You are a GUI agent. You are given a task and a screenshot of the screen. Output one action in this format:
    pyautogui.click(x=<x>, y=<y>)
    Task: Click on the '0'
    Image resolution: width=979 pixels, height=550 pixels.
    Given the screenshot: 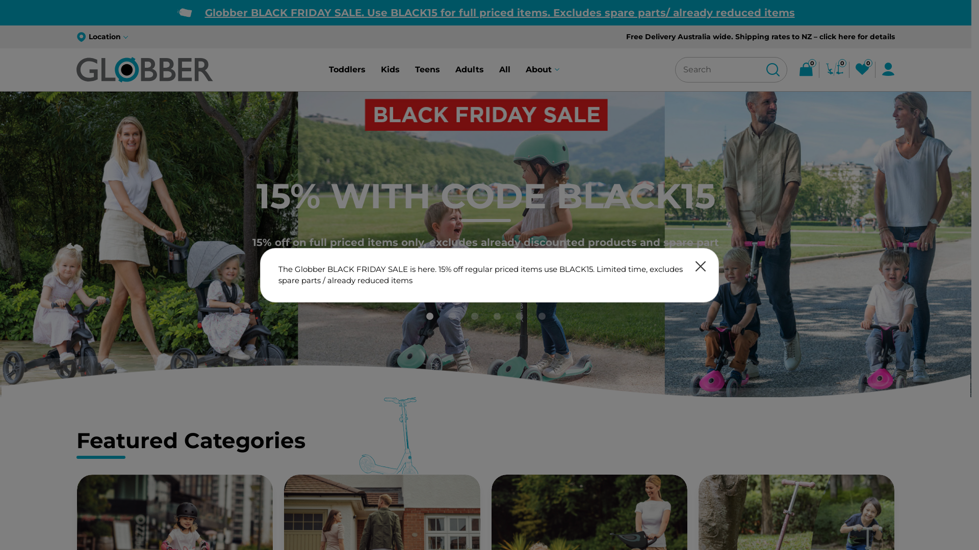 What is the action you would take?
    pyautogui.click(x=861, y=69)
    